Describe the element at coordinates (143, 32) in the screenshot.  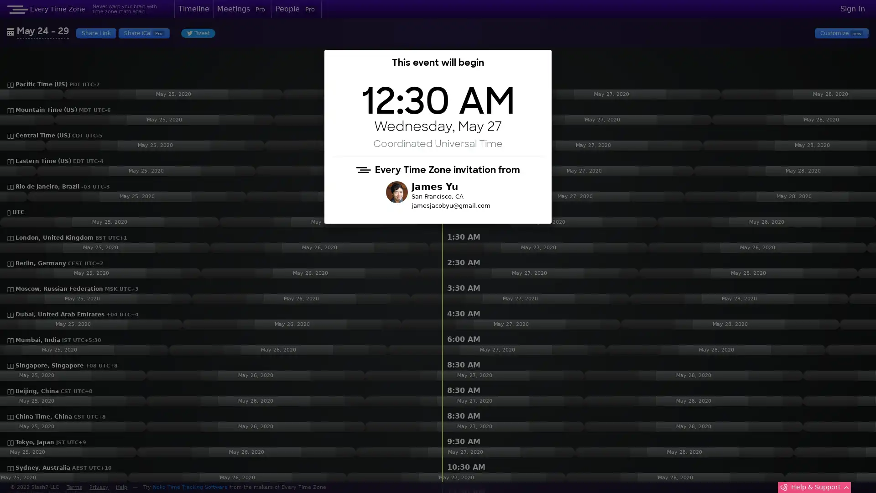
I see `Share iCal Pro` at that location.